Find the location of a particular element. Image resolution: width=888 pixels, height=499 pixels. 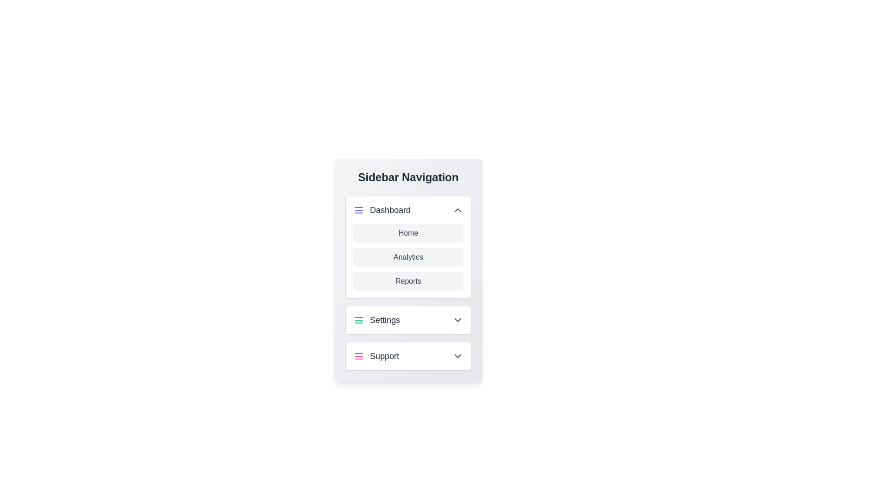

the indigo hamburger menu icon located to the left of the 'Dashboard' text in the vertical navigation menu is located at coordinates (358, 210).